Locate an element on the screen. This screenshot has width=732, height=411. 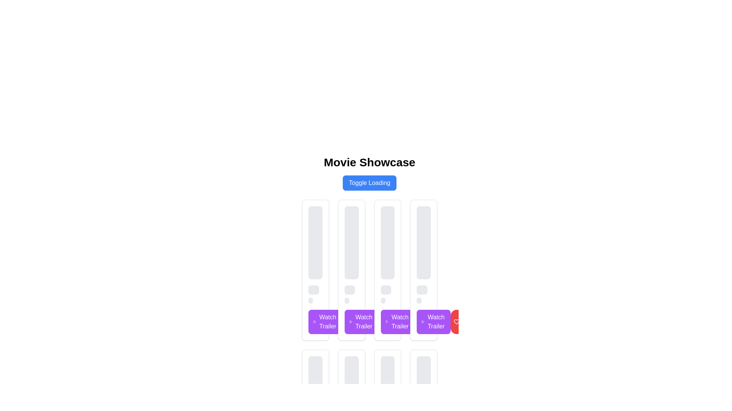
the sharing icon, which consists of three circles connected by lines, located within the fourth 'Watch Trailer' button from the left, styled with a blue background and white text is located at coordinates (363, 322).